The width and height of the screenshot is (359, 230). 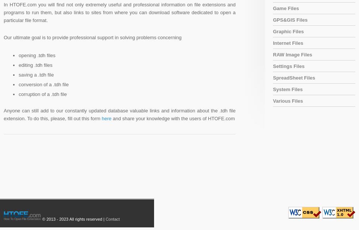 What do you see at coordinates (173, 118) in the screenshot?
I see `'and share your knowledge with the users of  HTOFE.com'` at bounding box center [173, 118].